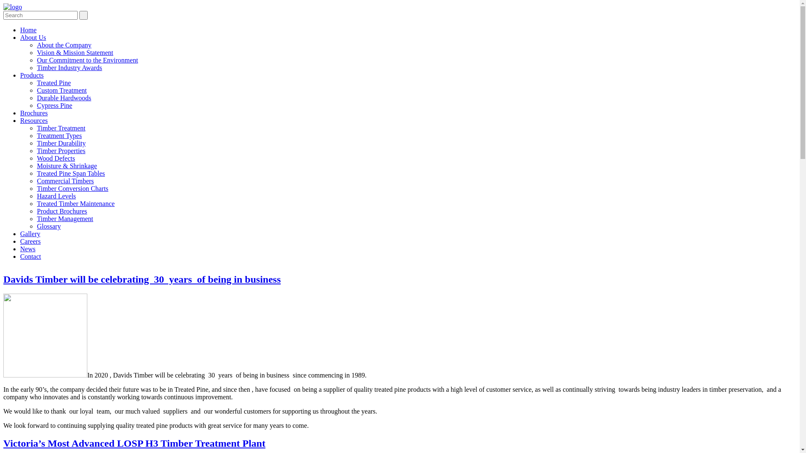 This screenshot has width=806, height=453. What do you see at coordinates (87, 60) in the screenshot?
I see `'Our Commitment to the Environment'` at bounding box center [87, 60].